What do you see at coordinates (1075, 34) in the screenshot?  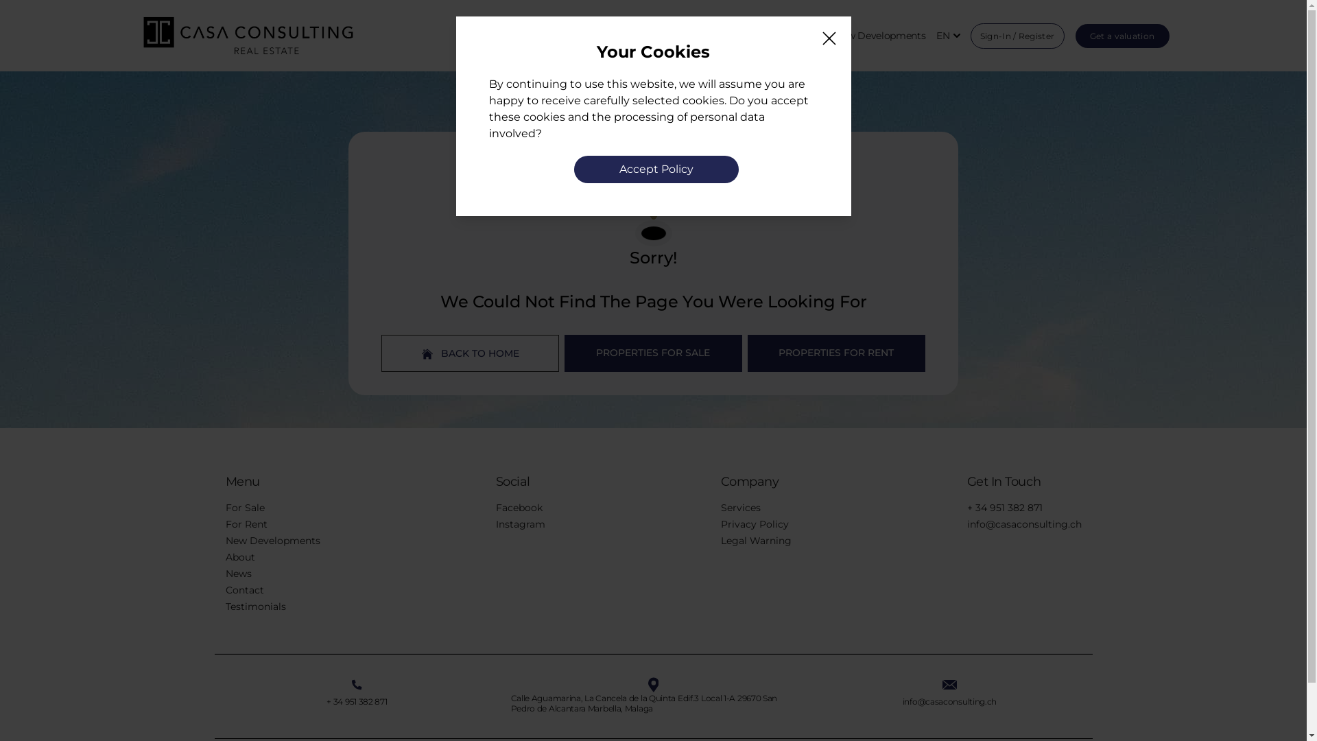 I see `'Get a valuation'` at bounding box center [1075, 34].